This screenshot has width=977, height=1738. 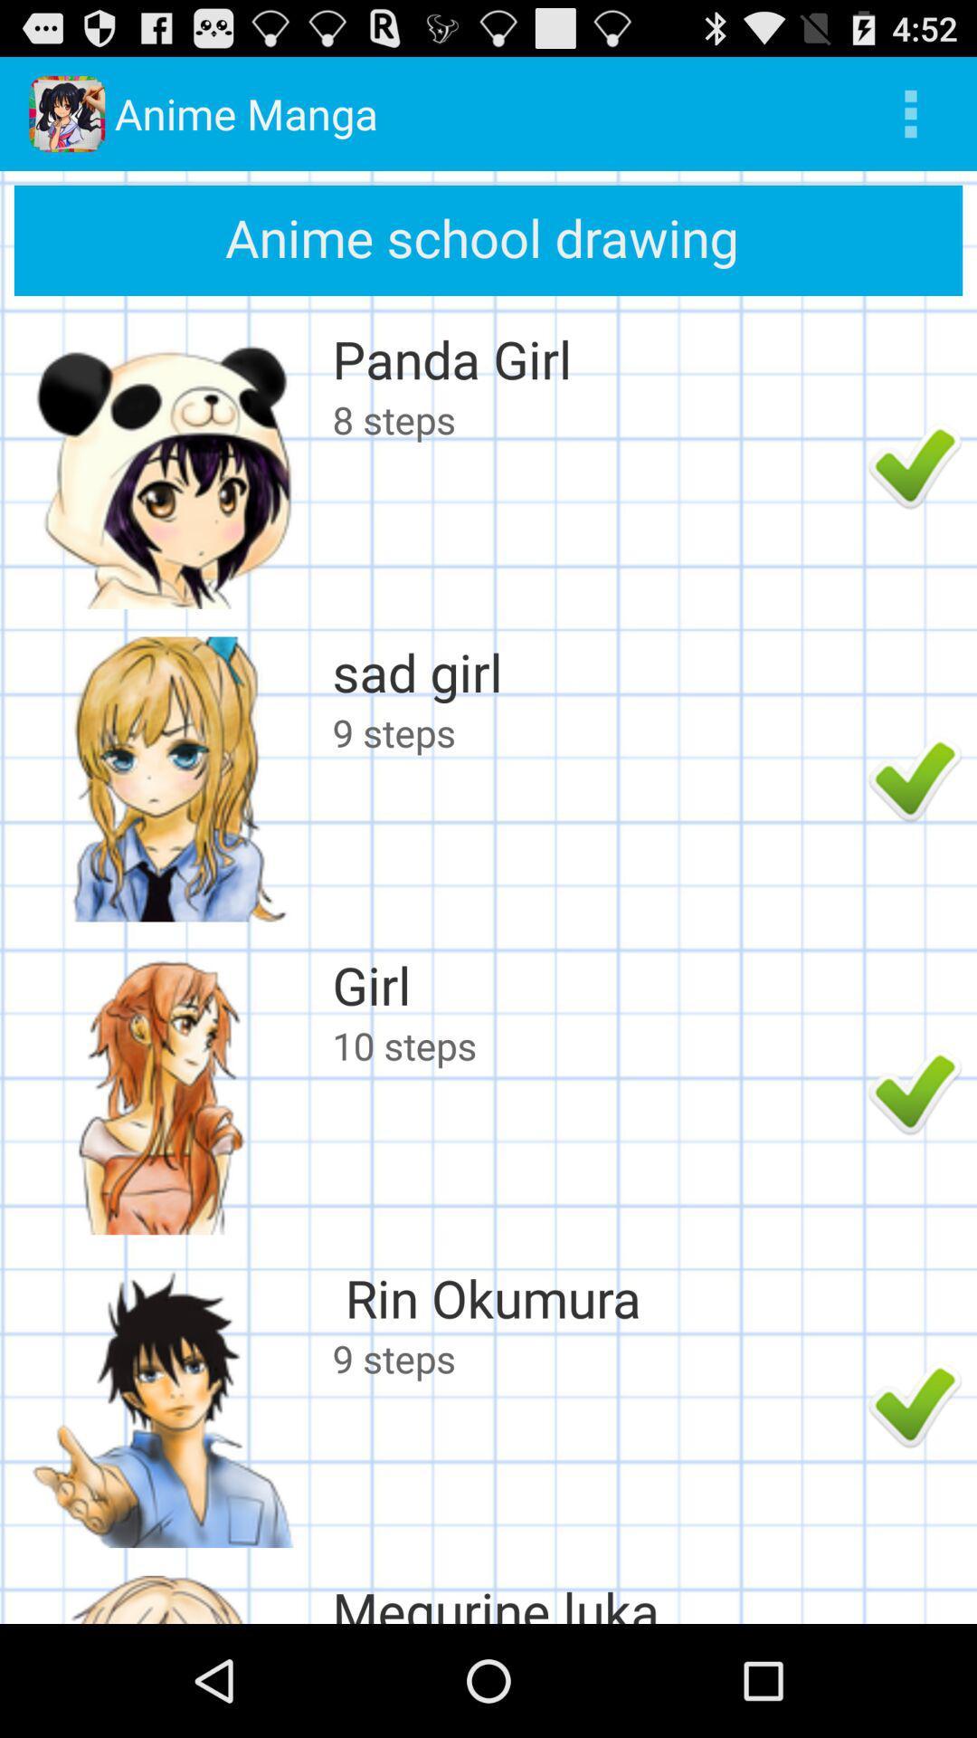 I want to click on item above anime school drawing, so click(x=910, y=112).